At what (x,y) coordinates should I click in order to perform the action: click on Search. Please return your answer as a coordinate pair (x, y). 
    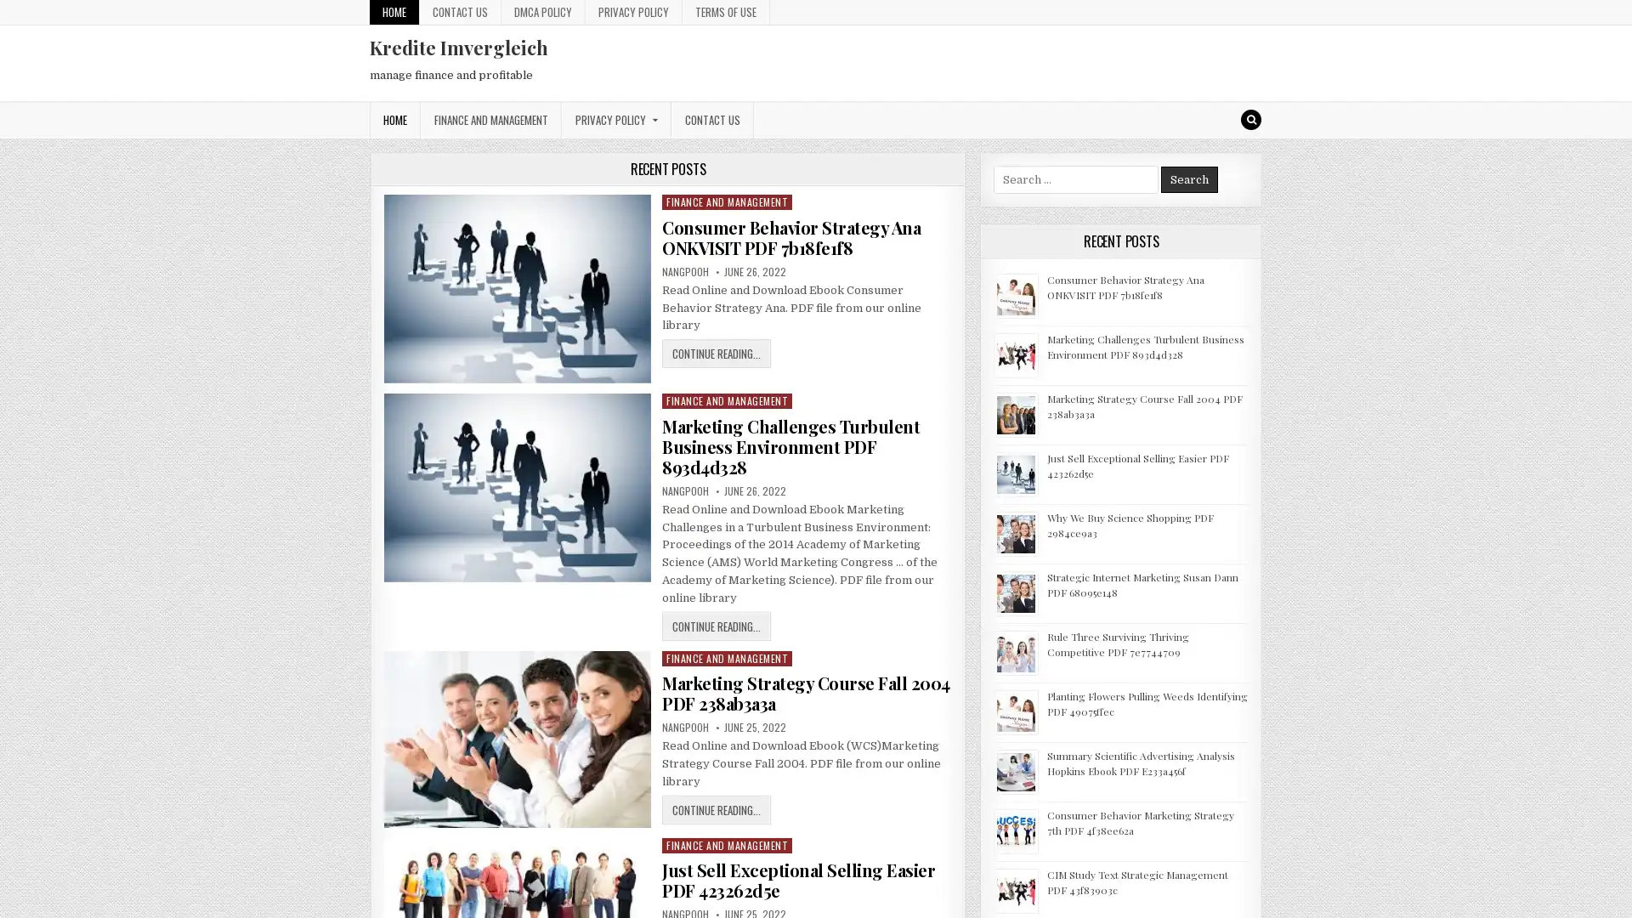
    Looking at the image, I should click on (1188, 179).